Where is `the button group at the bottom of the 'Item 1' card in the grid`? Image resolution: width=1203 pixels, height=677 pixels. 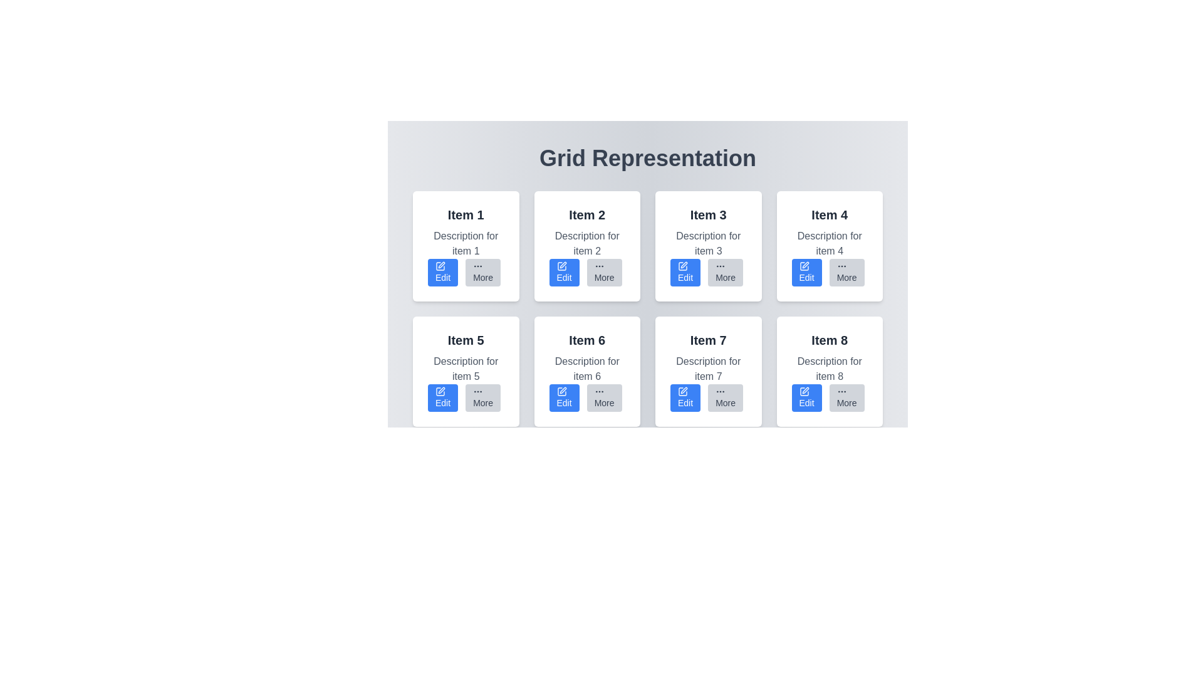 the button group at the bottom of the 'Item 1' card in the grid is located at coordinates (465, 272).